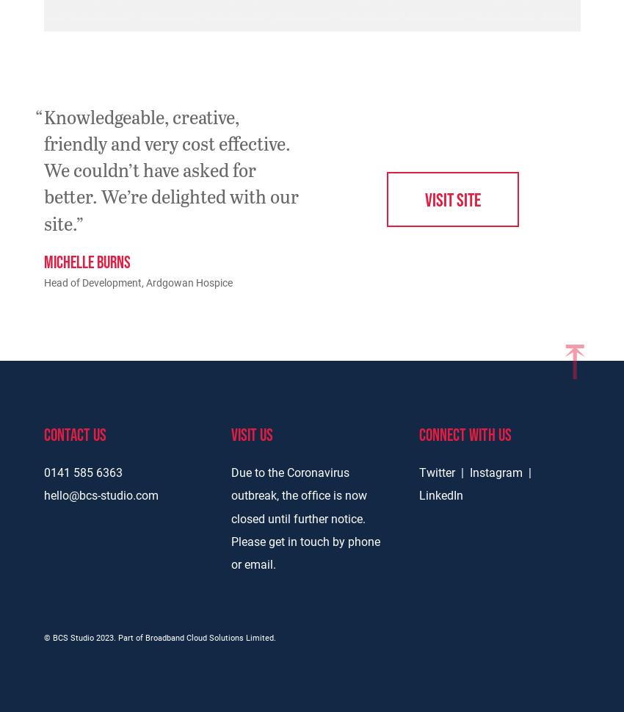  What do you see at coordinates (101, 494) in the screenshot?
I see `'hello@bcs-studio.com'` at bounding box center [101, 494].